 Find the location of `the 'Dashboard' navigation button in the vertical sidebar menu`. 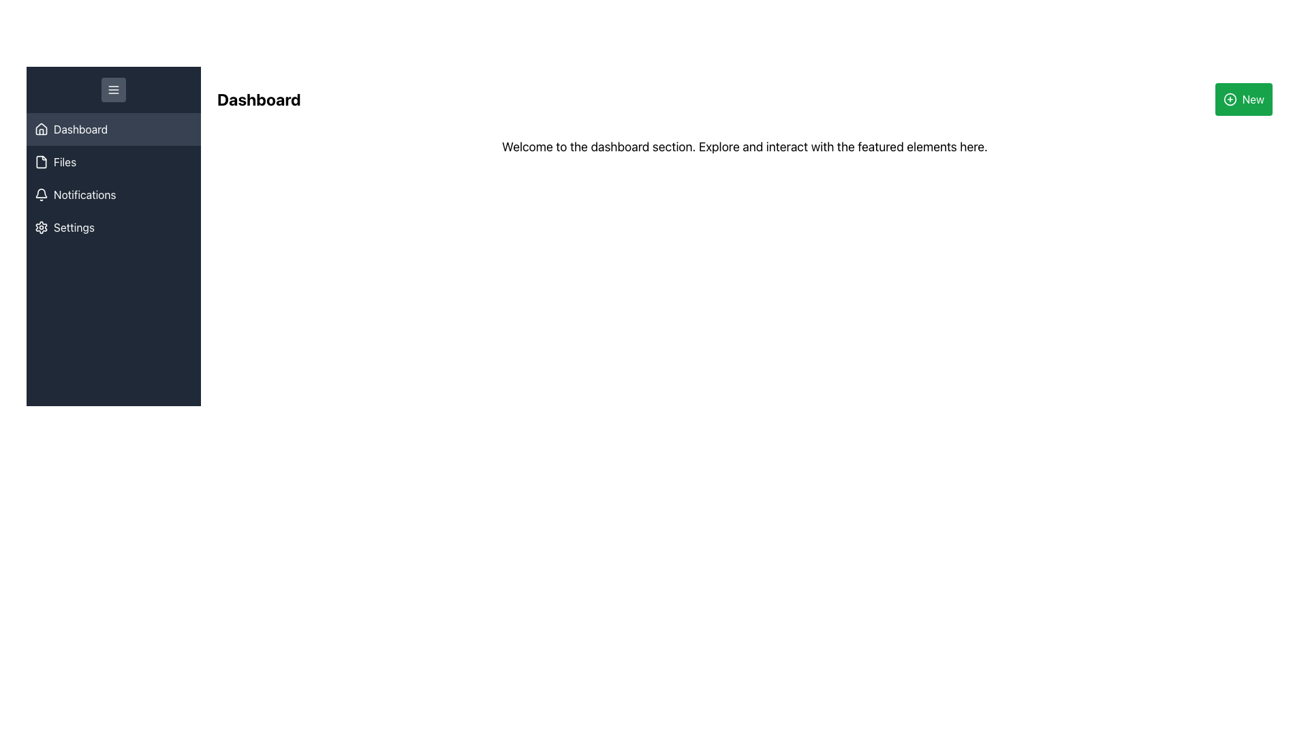

the 'Dashboard' navigation button in the vertical sidebar menu is located at coordinates (114, 129).